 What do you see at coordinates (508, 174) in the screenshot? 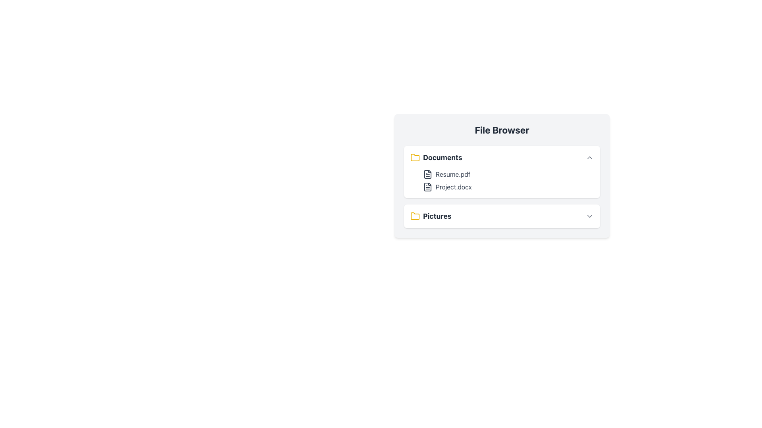
I see `the 'Resume.pdf' entry in the file browser` at bounding box center [508, 174].